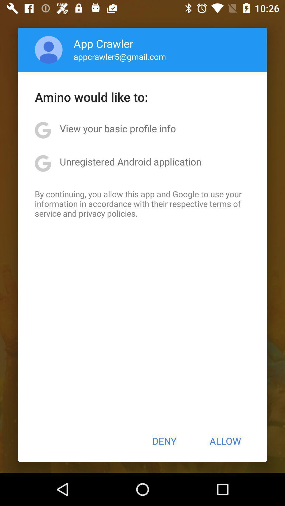 This screenshot has height=506, width=285. What do you see at coordinates (130, 161) in the screenshot?
I see `the app below view your basic icon` at bounding box center [130, 161].